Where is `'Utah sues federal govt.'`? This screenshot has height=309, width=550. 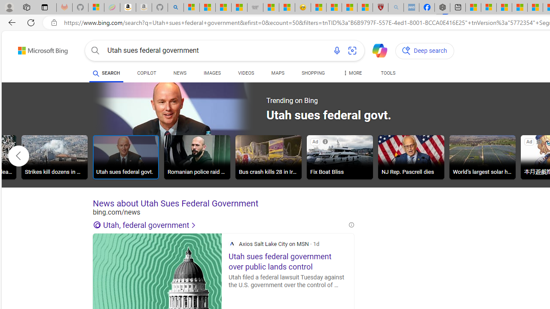 'Utah sues federal govt.' is located at coordinates (125, 158).